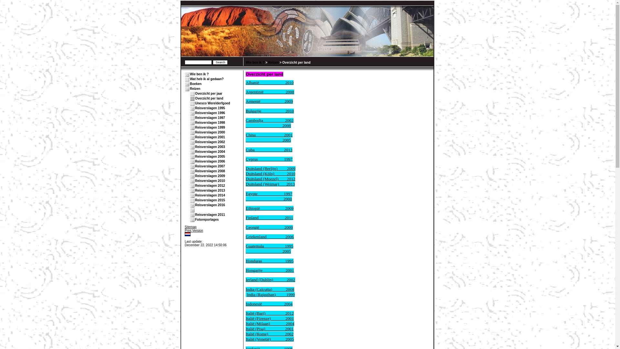  Describe the element at coordinates (268, 140) in the screenshot. I see `'                                   2005'` at that location.